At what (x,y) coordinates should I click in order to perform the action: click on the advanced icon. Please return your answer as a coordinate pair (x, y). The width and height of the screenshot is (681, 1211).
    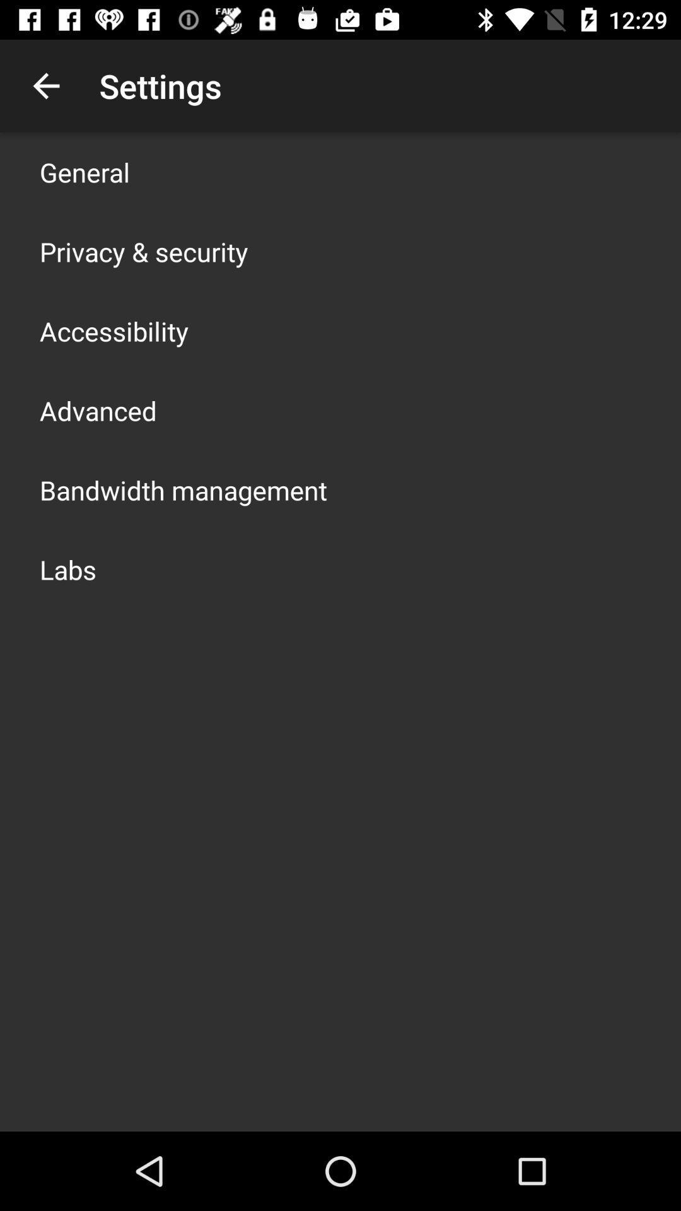
    Looking at the image, I should click on (97, 411).